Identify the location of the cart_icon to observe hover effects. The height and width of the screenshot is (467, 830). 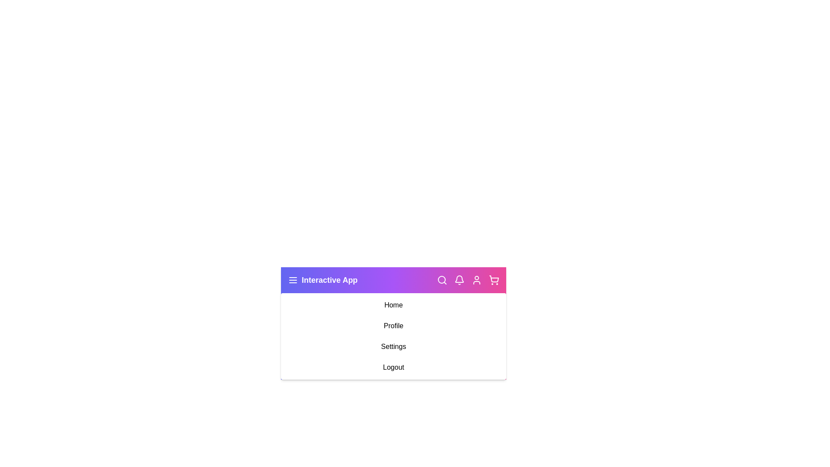
(494, 280).